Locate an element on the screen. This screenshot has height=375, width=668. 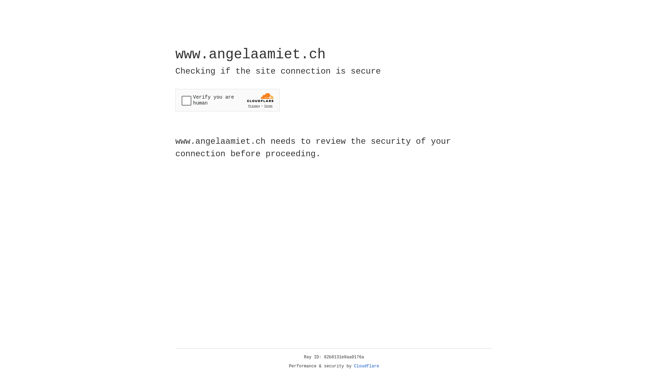
'Widget containing a Cloudflare security challenge' is located at coordinates (227, 100).